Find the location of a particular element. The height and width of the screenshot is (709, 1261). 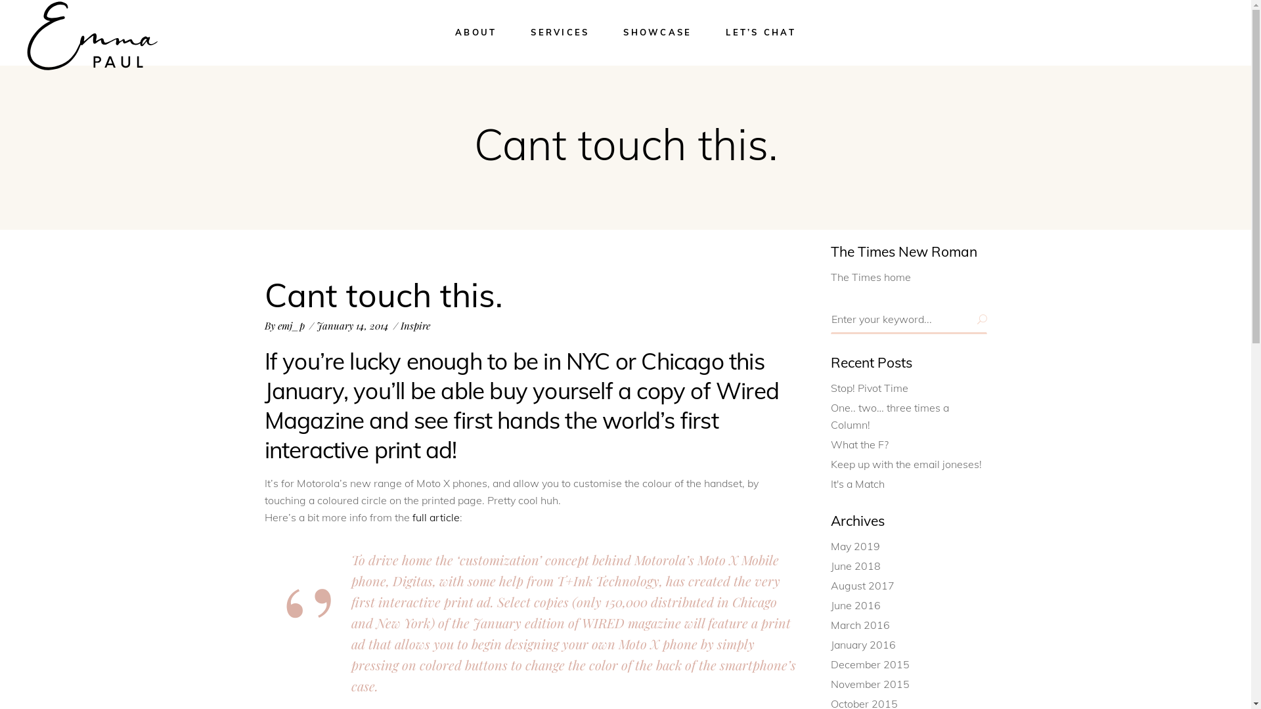

'The Times home' is located at coordinates (830, 276).